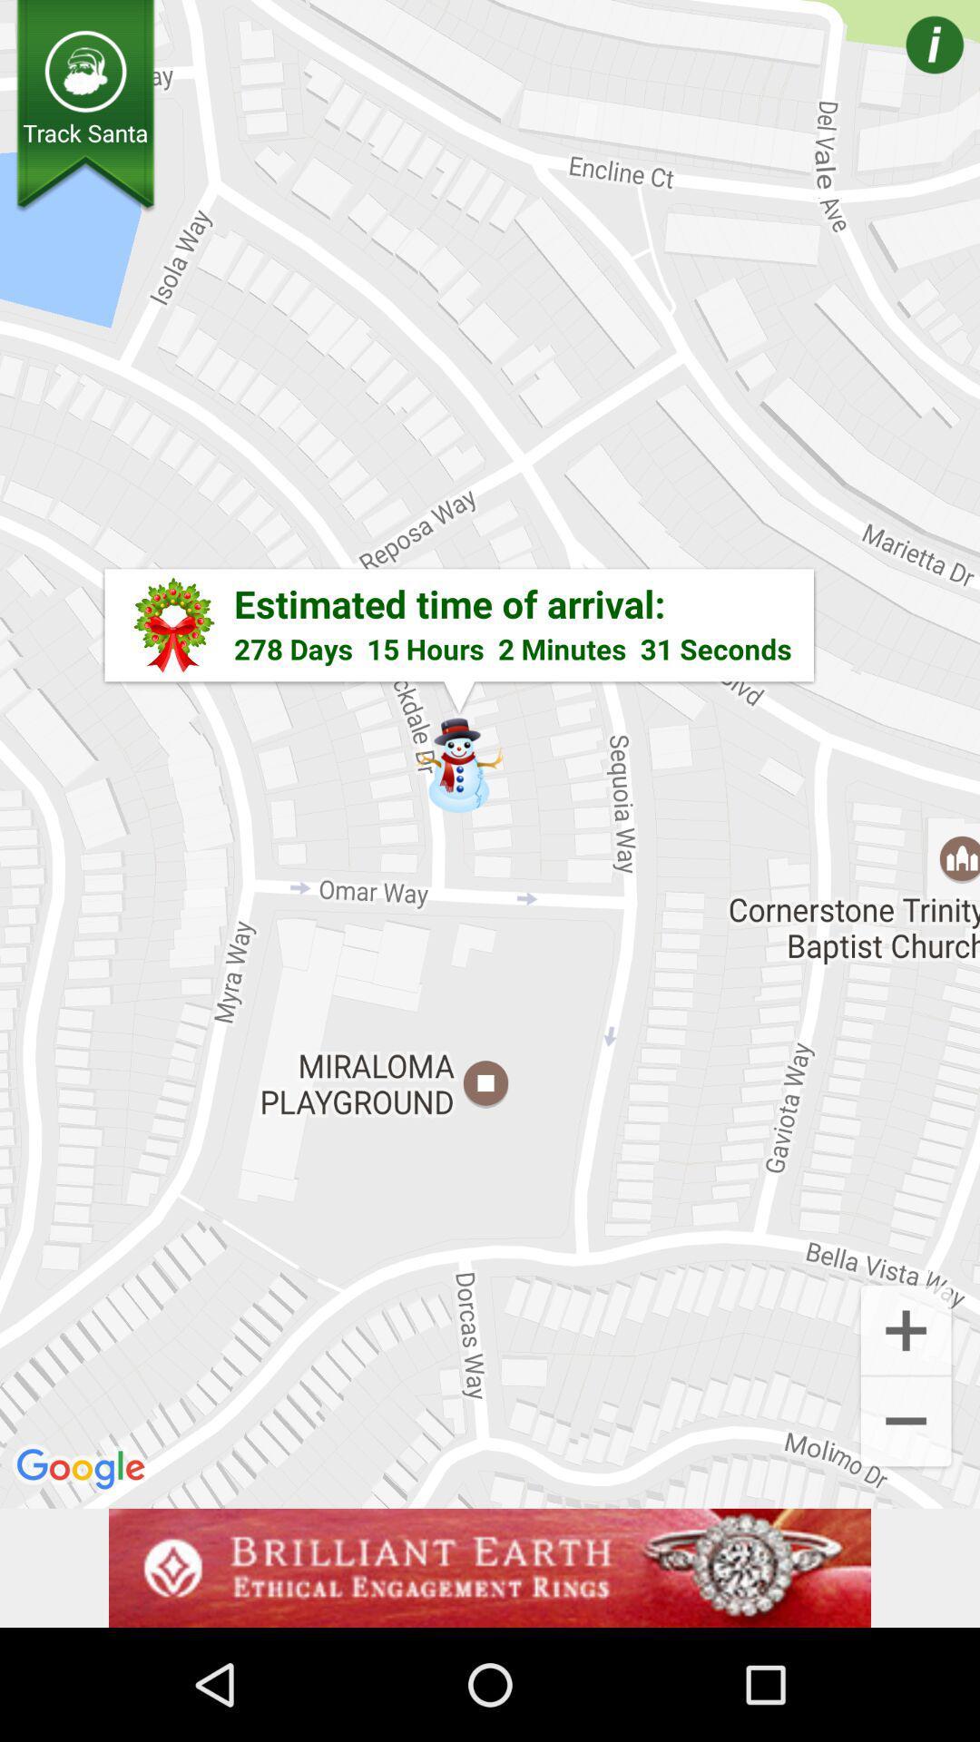  I want to click on for more information, so click(908, 71).